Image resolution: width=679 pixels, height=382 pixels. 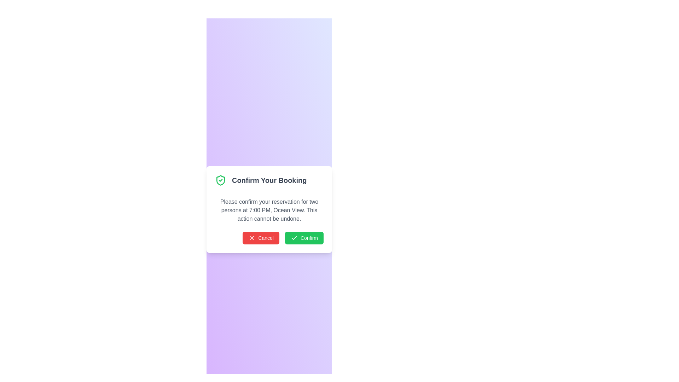 What do you see at coordinates (309, 238) in the screenshot?
I see `the 'Confirm' text label within the rightmost button on the confirmation modal, which indicates that clicking this button will confirm the user's action or selection` at bounding box center [309, 238].